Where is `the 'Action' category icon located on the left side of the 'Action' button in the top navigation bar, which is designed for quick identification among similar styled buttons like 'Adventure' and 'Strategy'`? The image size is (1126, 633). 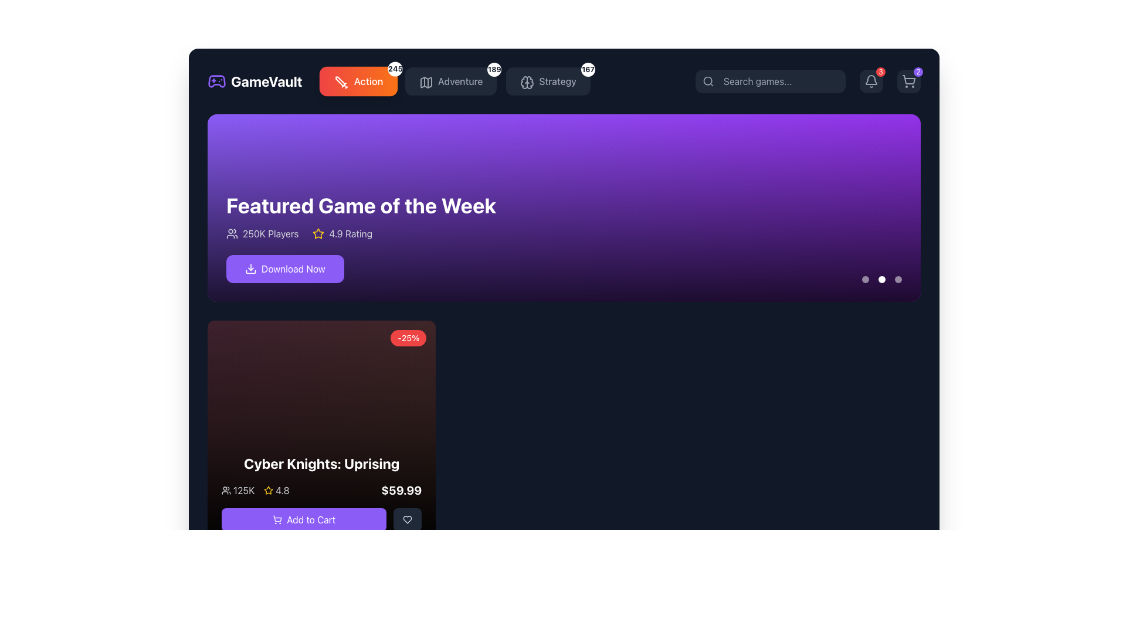
the 'Action' category icon located on the left side of the 'Action' button in the top navigation bar, which is designed for quick identification among similar styled buttons like 'Adventure' and 'Strategy' is located at coordinates (340, 80).